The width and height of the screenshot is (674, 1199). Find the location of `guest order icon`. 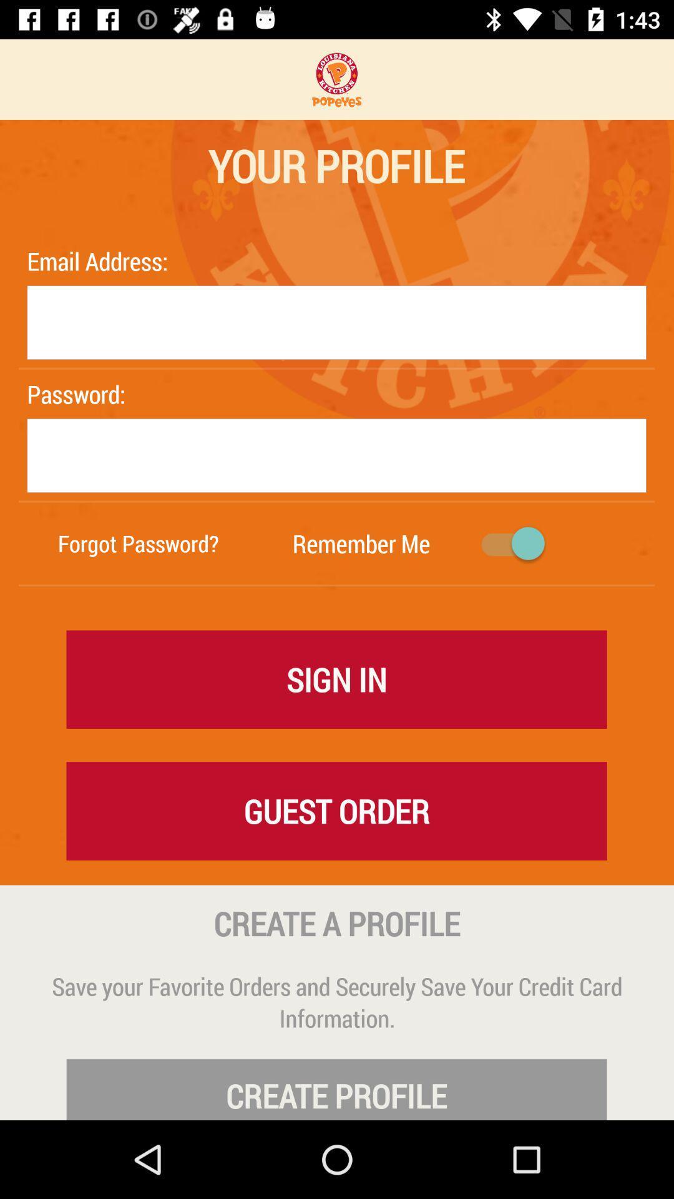

guest order icon is located at coordinates (336, 811).